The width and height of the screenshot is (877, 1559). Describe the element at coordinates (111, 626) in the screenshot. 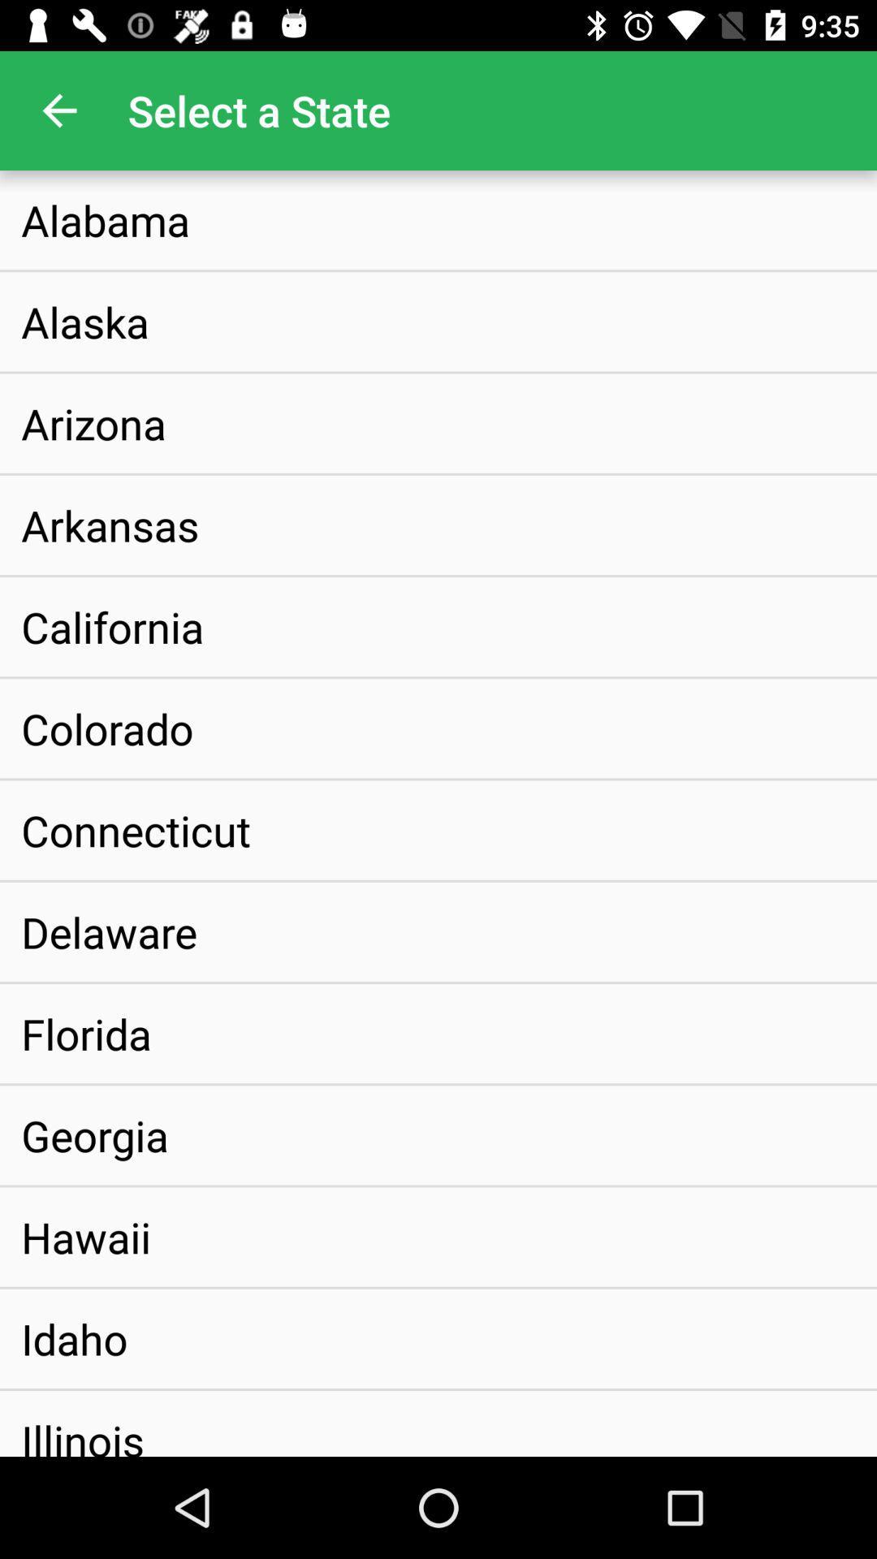

I see `california item` at that location.